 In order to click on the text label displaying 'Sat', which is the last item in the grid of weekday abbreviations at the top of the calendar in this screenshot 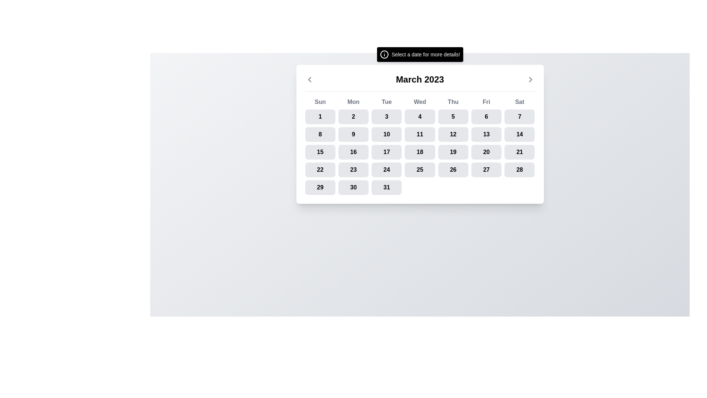, I will do `click(519, 102)`.